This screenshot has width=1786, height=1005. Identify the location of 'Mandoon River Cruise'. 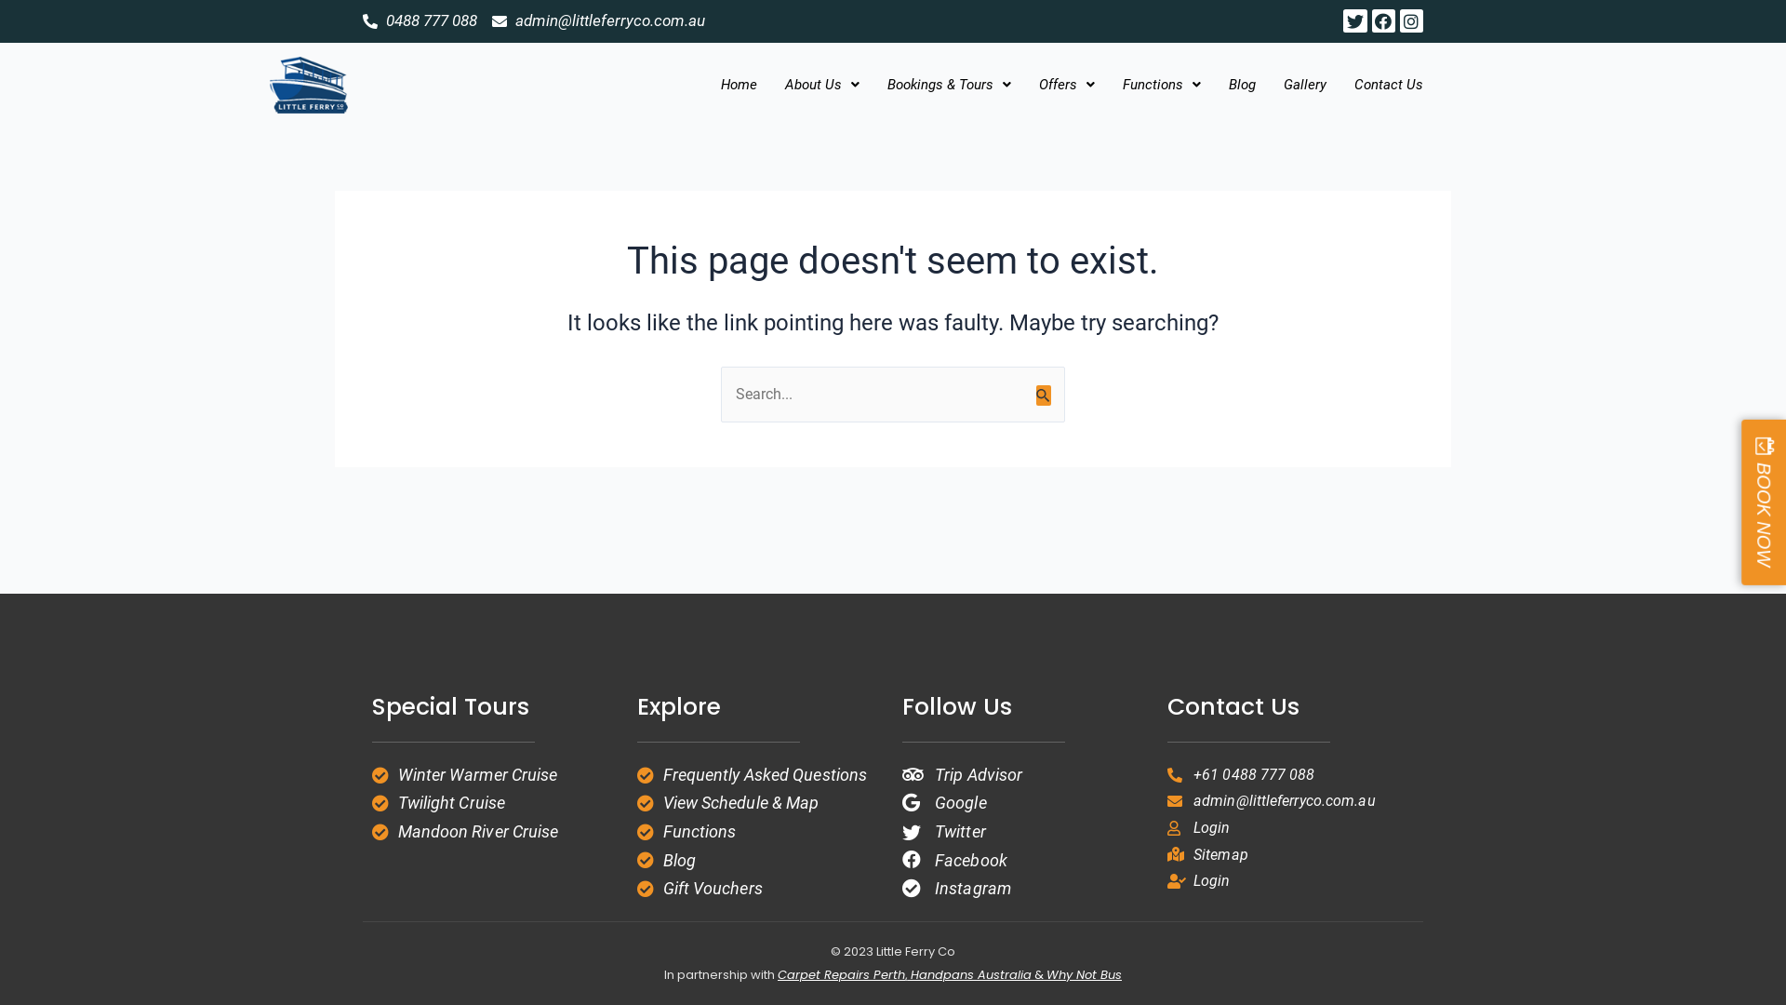
(371, 831).